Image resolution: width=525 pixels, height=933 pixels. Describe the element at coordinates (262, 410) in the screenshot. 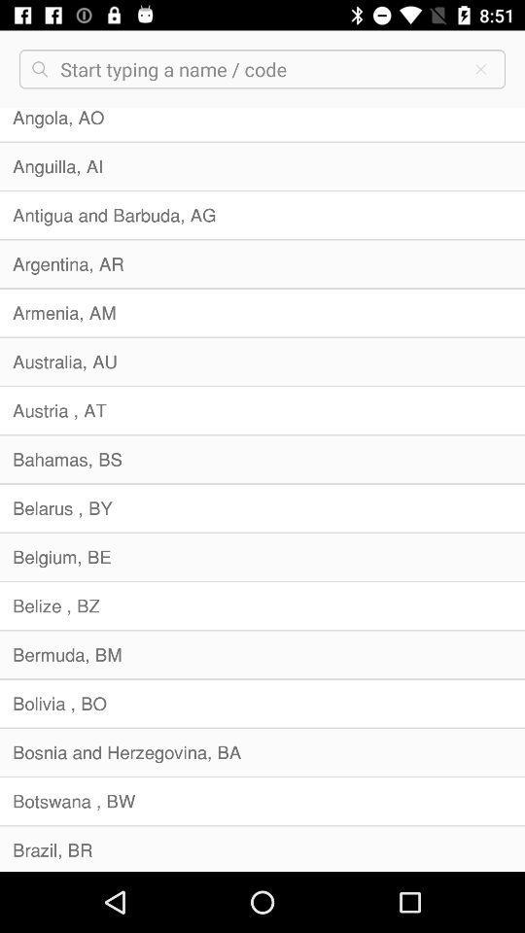

I see `icon below the australia, au icon` at that location.